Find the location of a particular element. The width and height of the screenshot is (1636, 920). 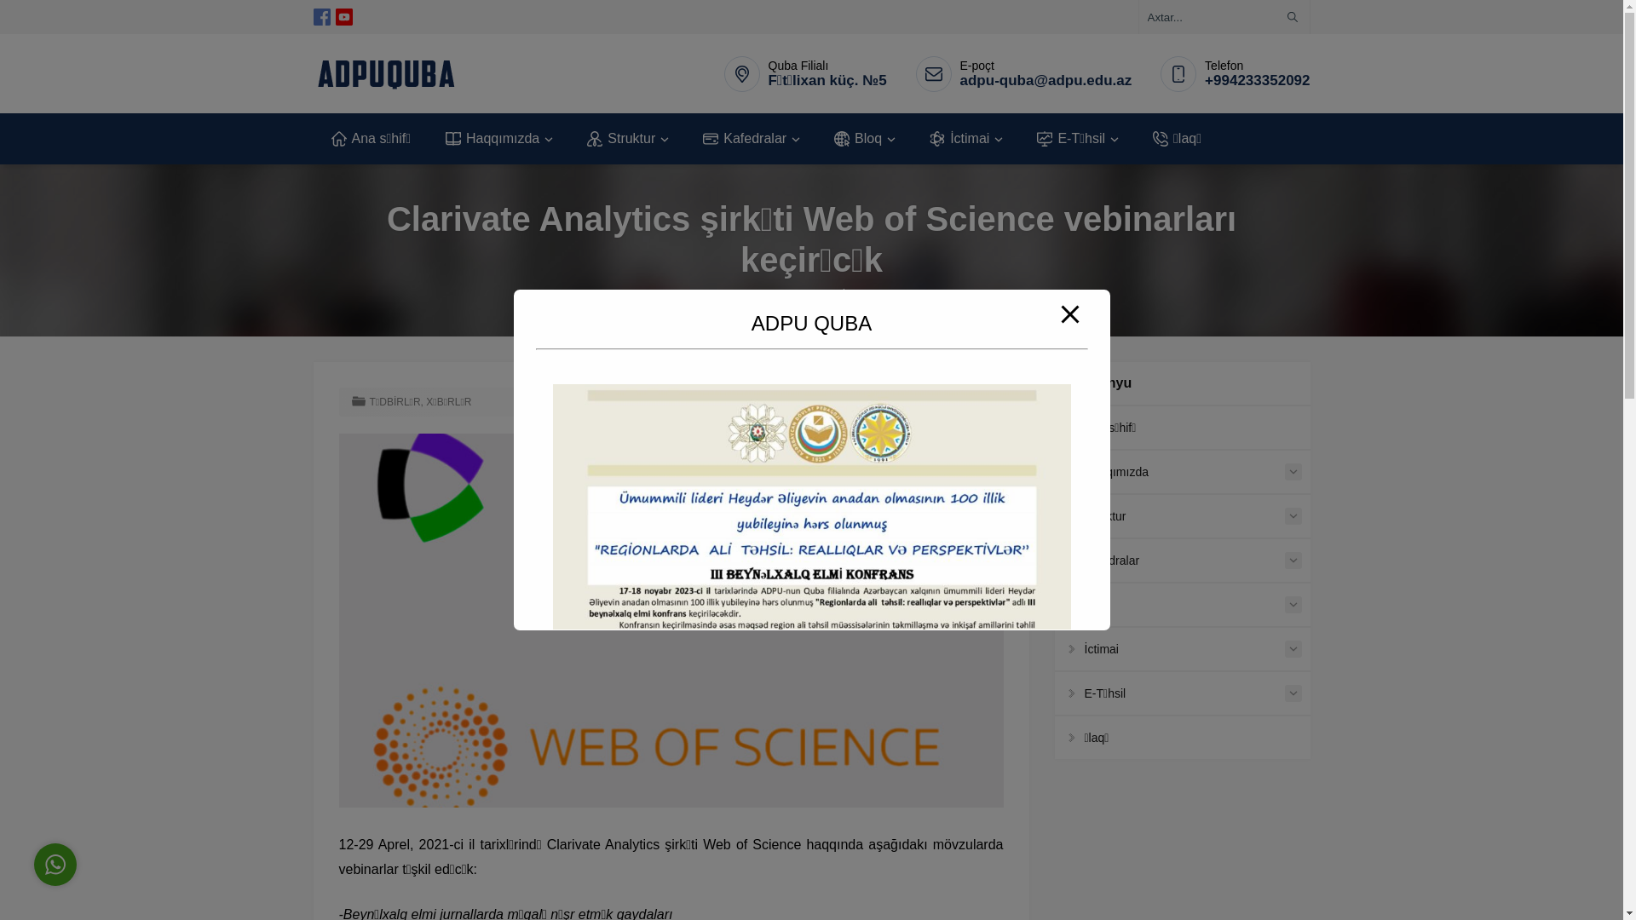

'+994233352092' is located at coordinates (1257, 79).